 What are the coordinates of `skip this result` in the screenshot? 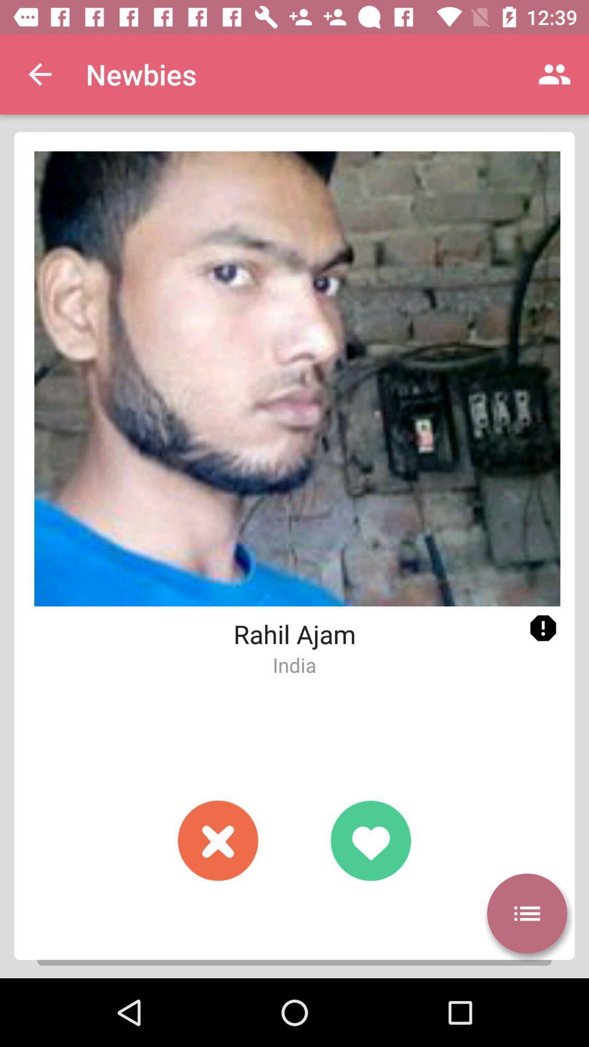 It's located at (218, 840).